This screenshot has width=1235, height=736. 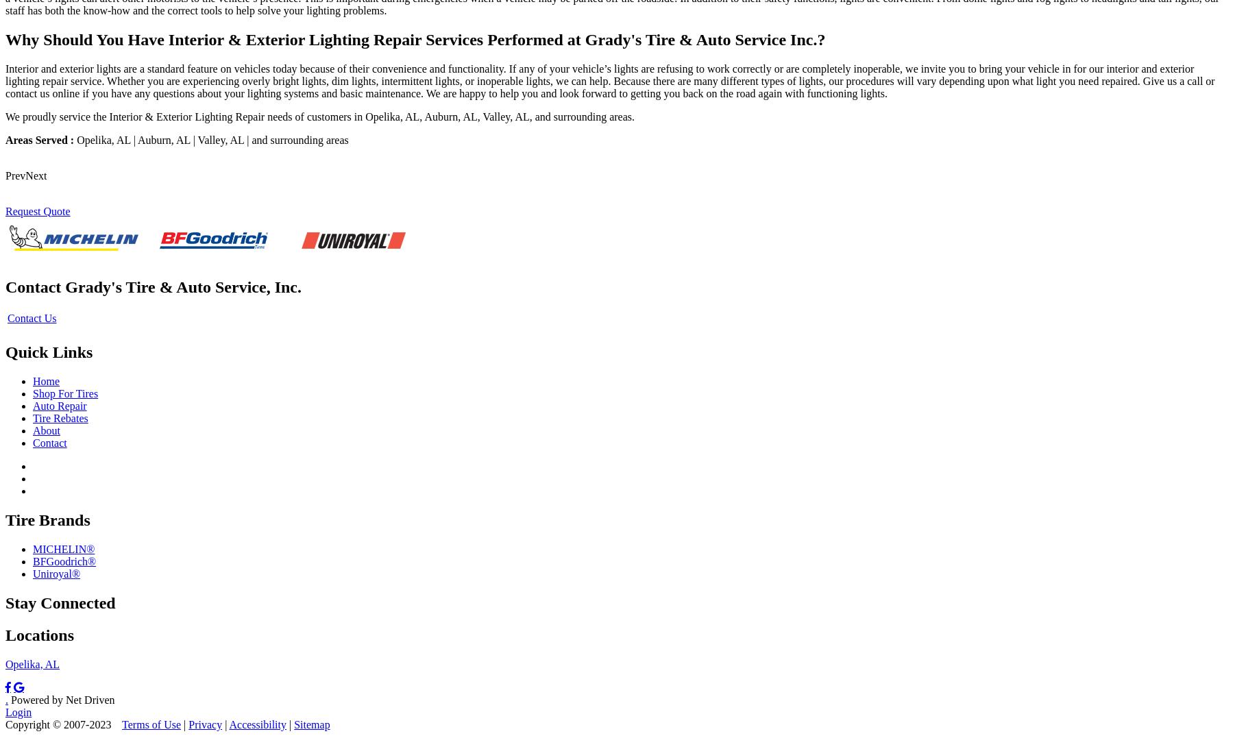 What do you see at coordinates (31, 317) in the screenshot?
I see `'Contact Us'` at bounding box center [31, 317].